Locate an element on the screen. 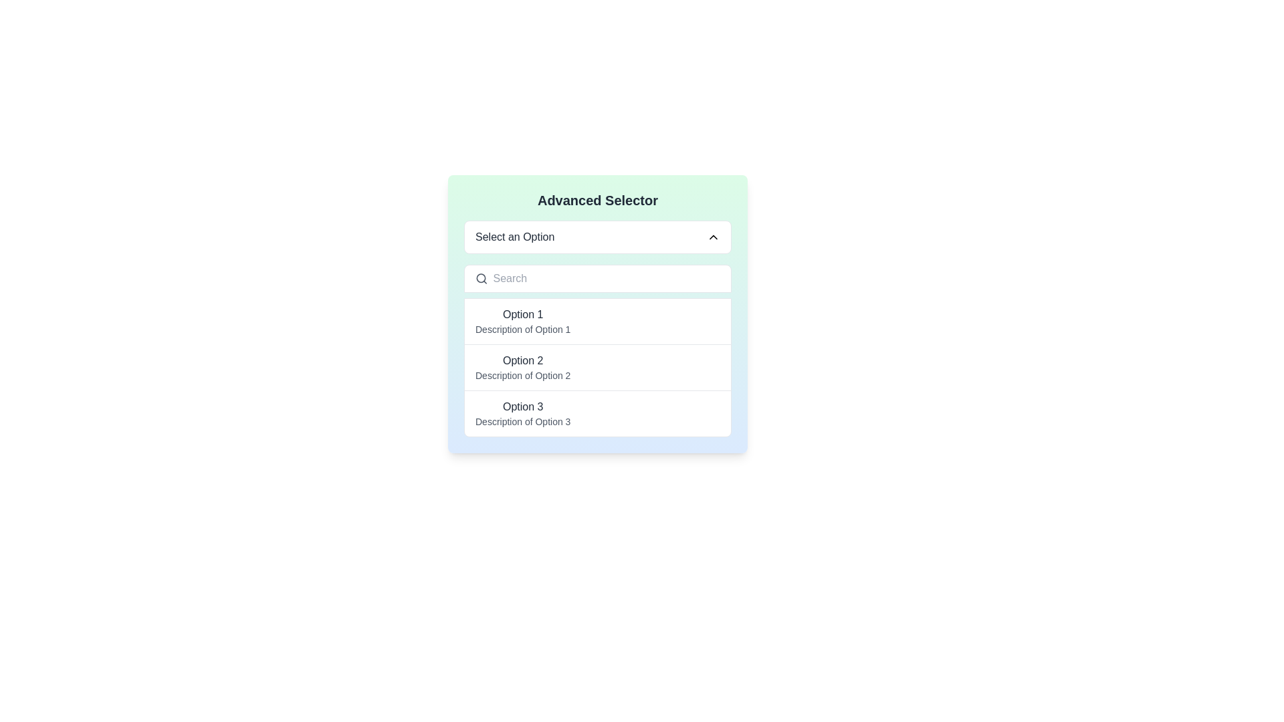 This screenshot has height=722, width=1284. the first option labeled 'Option 1' in the dropdown list is located at coordinates (597, 322).